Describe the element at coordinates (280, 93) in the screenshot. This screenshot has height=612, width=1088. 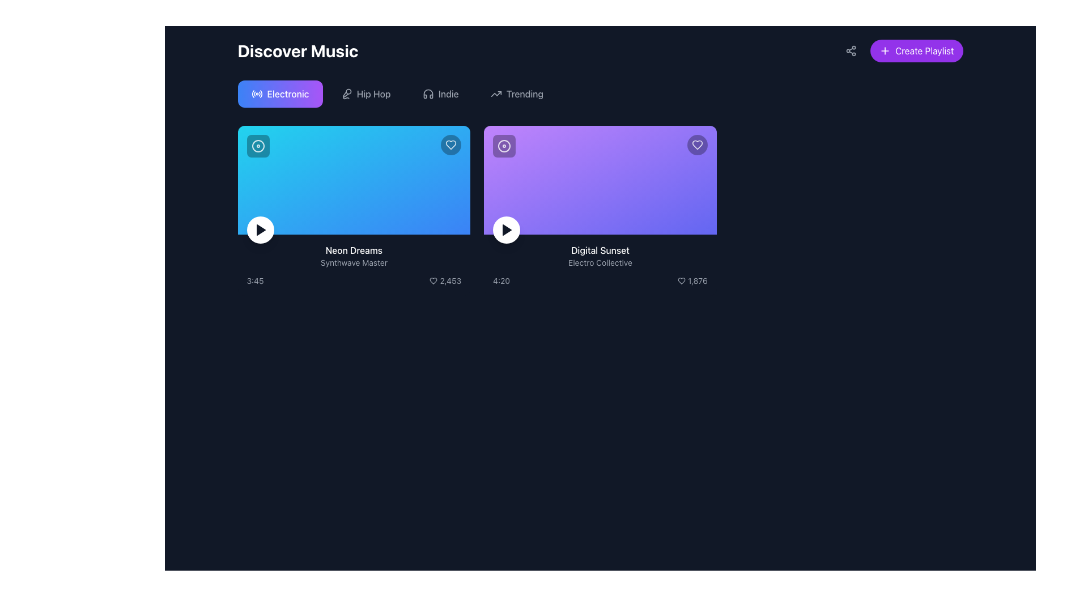
I see `the rectangular button labeled 'Electronic' with a gradient background transitioning from blue to purple` at that location.